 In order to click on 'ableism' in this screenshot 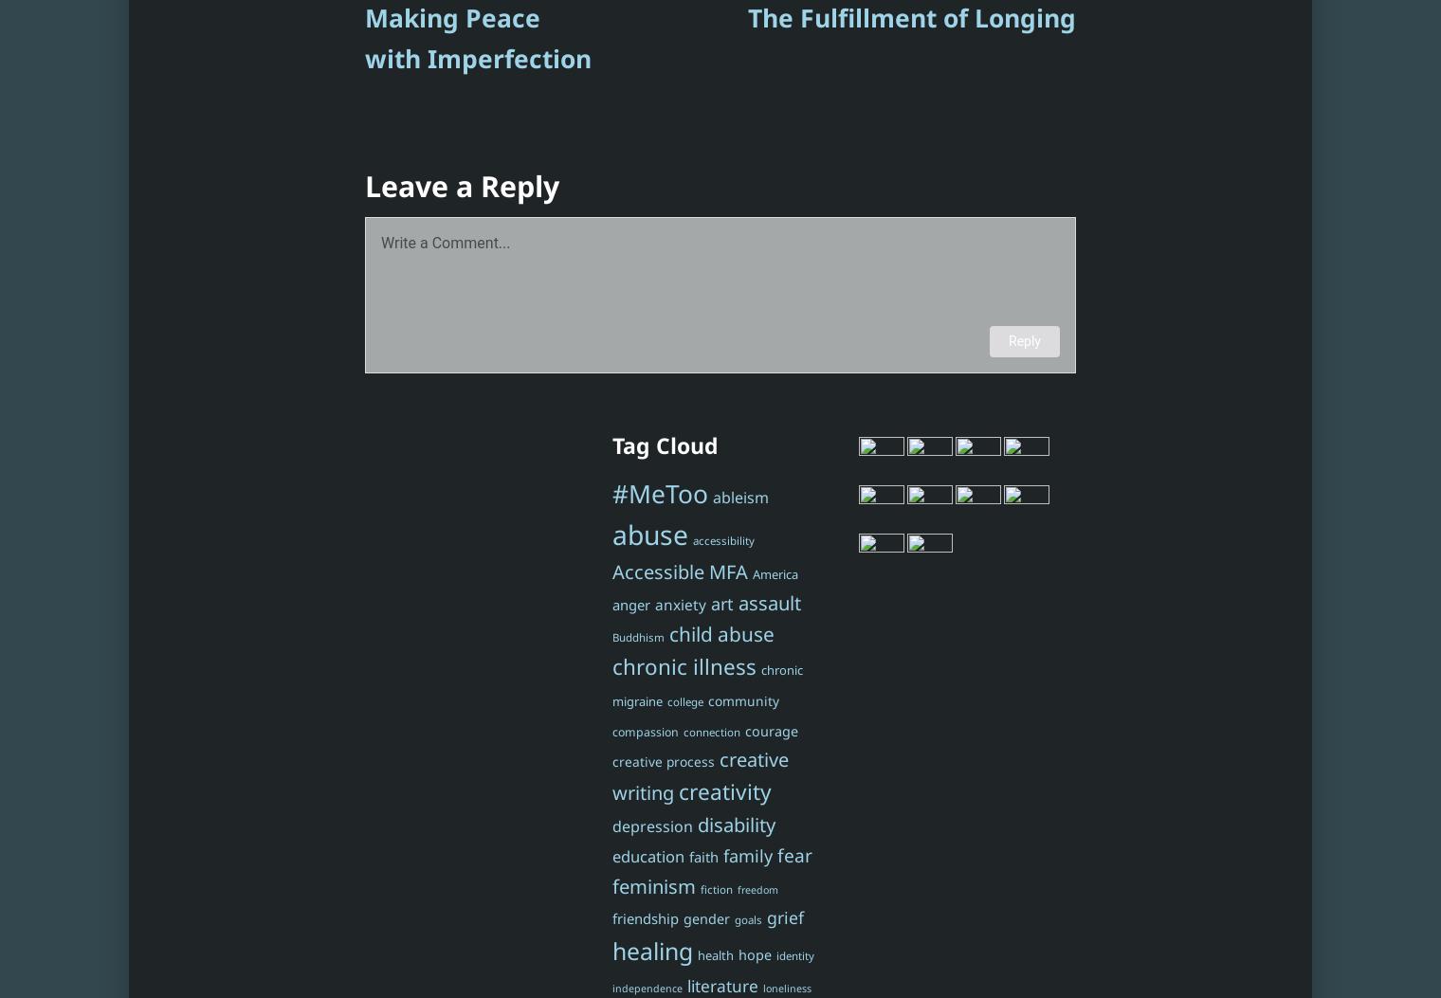, I will do `click(739, 498)`.